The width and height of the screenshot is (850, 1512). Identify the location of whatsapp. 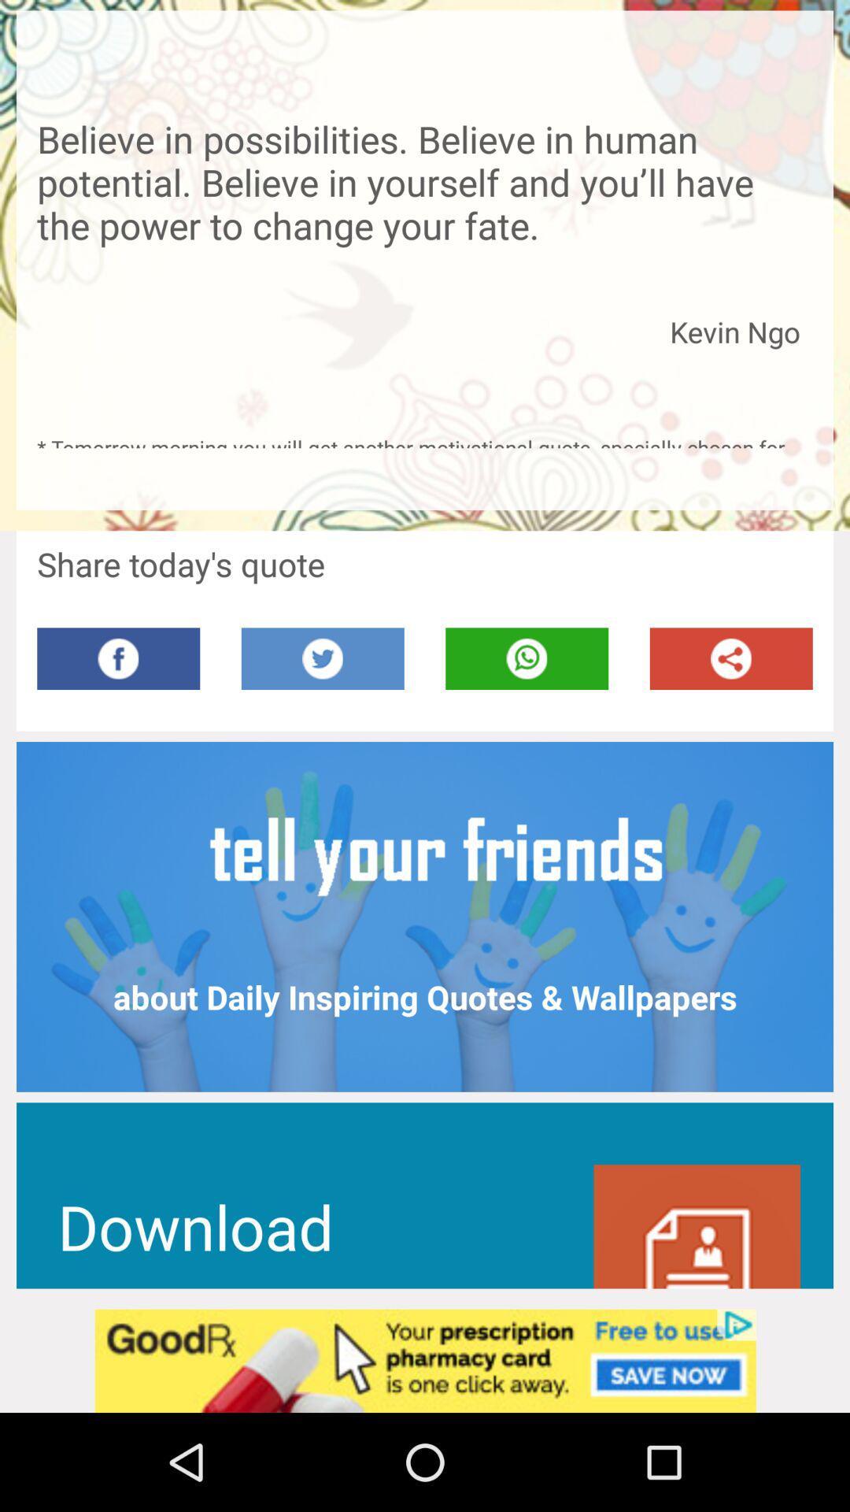
(527, 658).